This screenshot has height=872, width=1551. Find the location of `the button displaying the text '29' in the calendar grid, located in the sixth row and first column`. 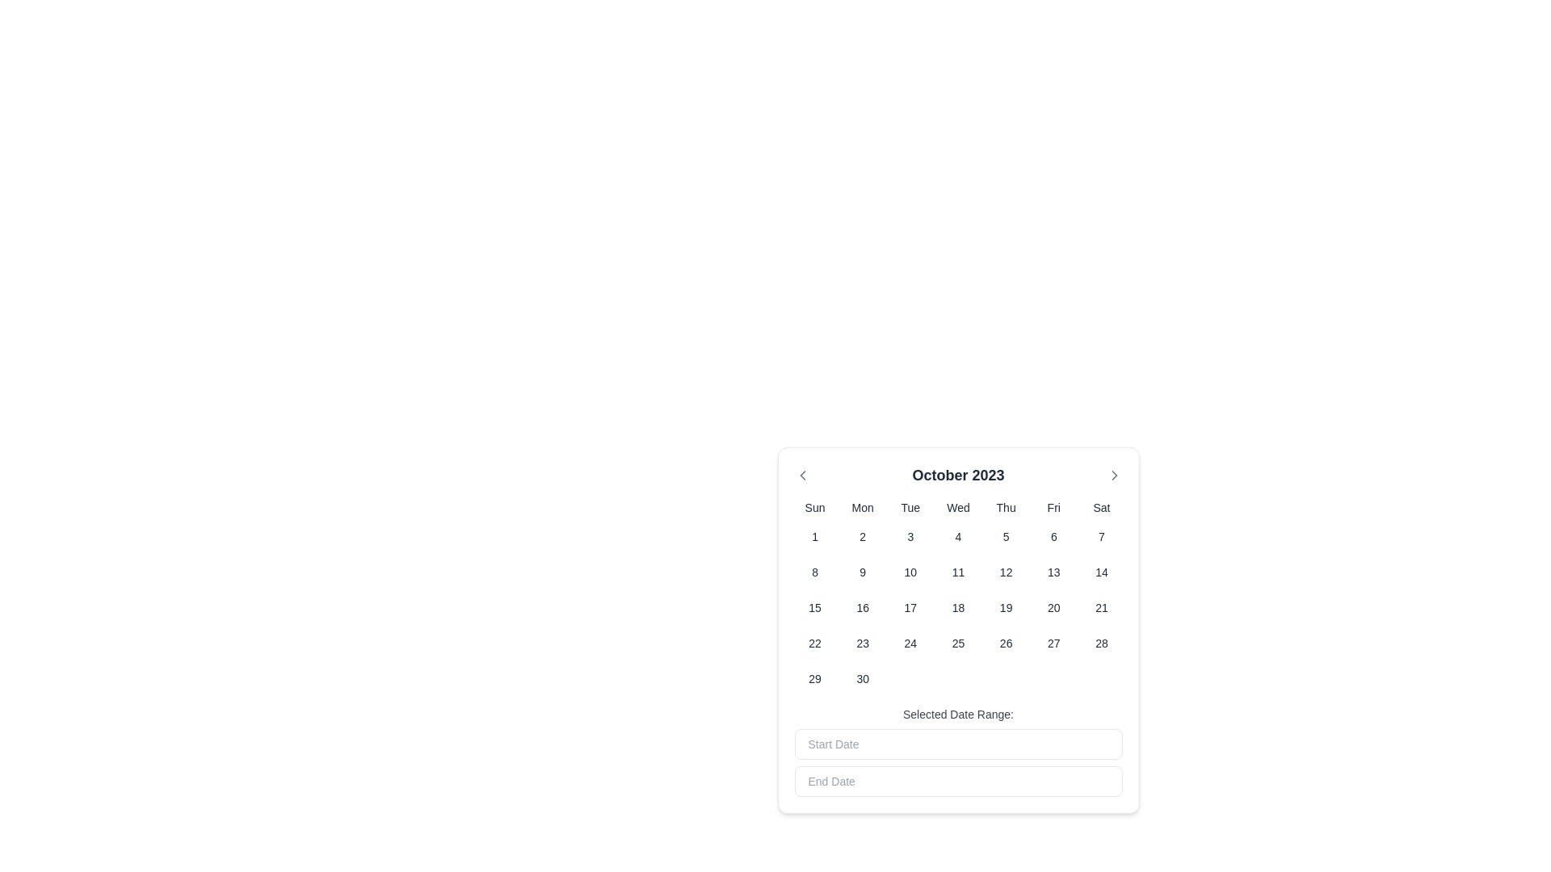

the button displaying the text '29' in the calendar grid, located in the sixth row and first column is located at coordinates (815, 678).